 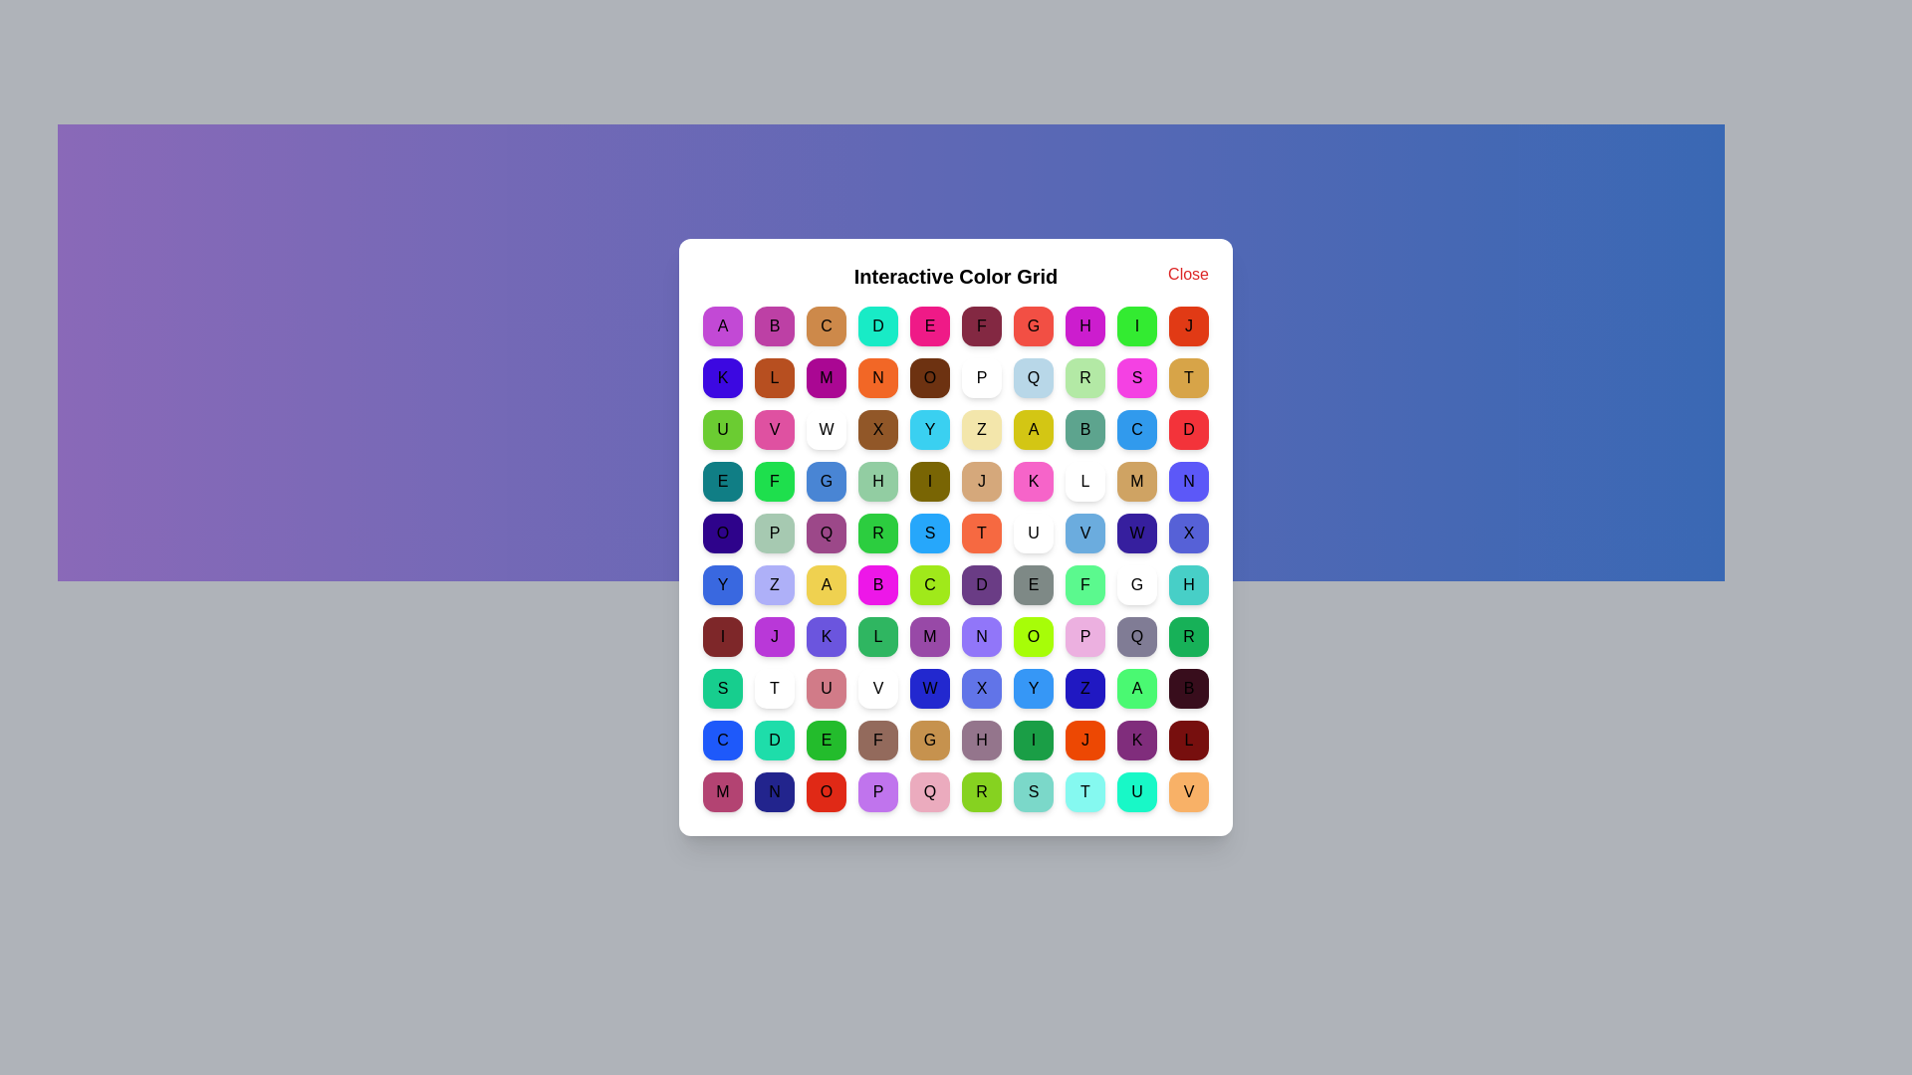 What do you see at coordinates (1137, 378) in the screenshot?
I see `the grid cell labeled S to view its color message` at bounding box center [1137, 378].